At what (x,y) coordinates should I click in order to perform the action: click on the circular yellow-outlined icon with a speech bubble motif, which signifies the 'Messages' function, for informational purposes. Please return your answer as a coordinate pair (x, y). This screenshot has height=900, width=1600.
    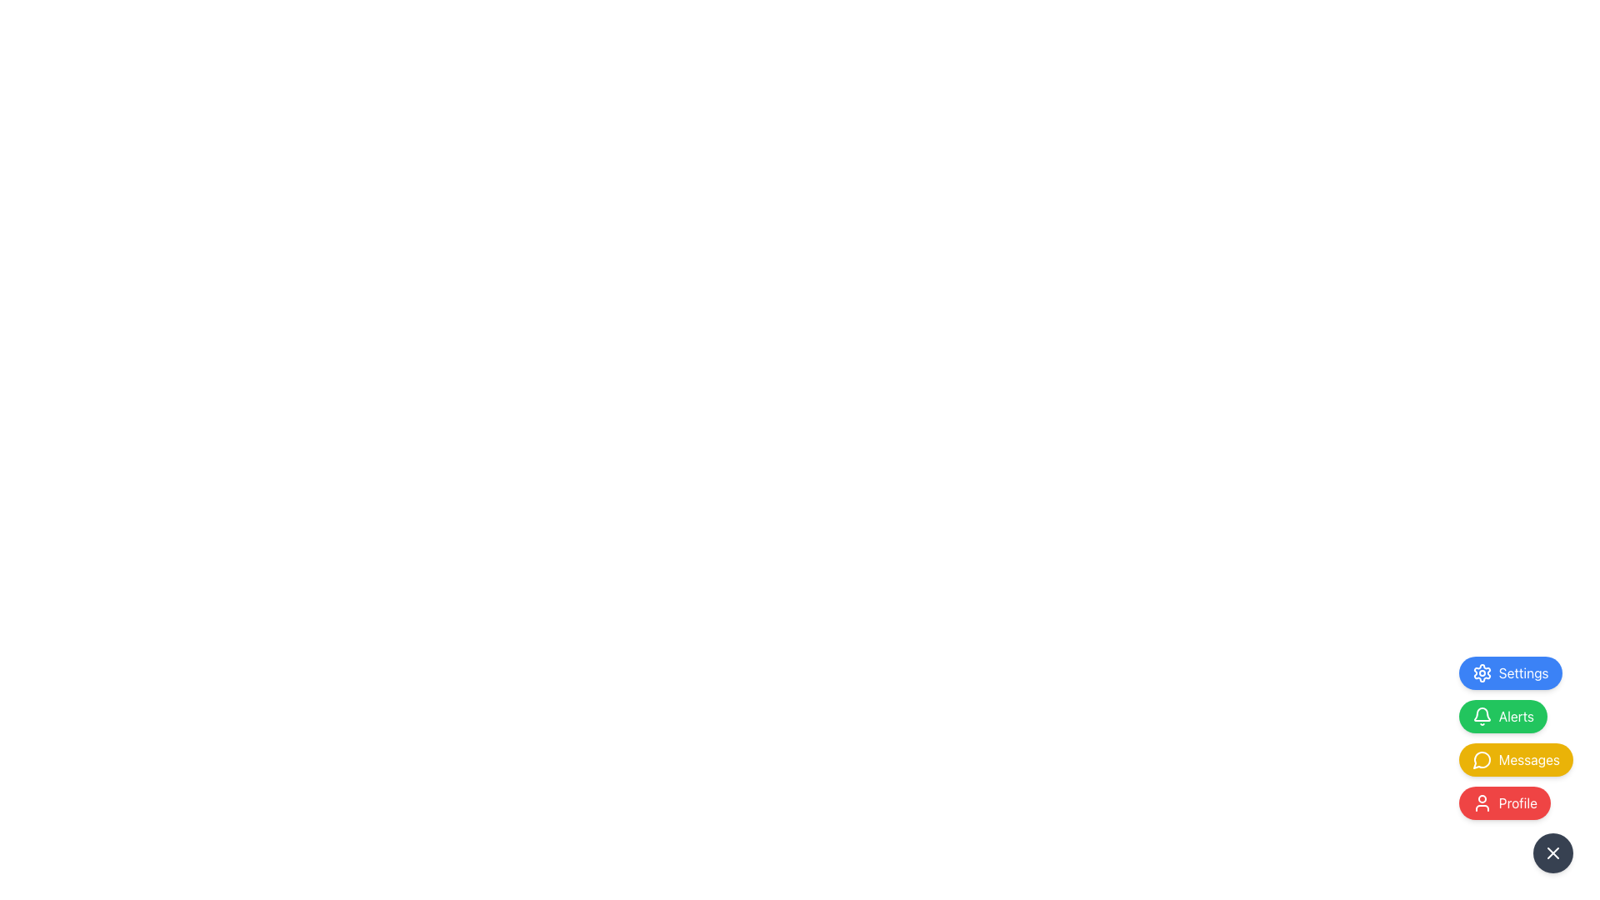
    Looking at the image, I should click on (1482, 760).